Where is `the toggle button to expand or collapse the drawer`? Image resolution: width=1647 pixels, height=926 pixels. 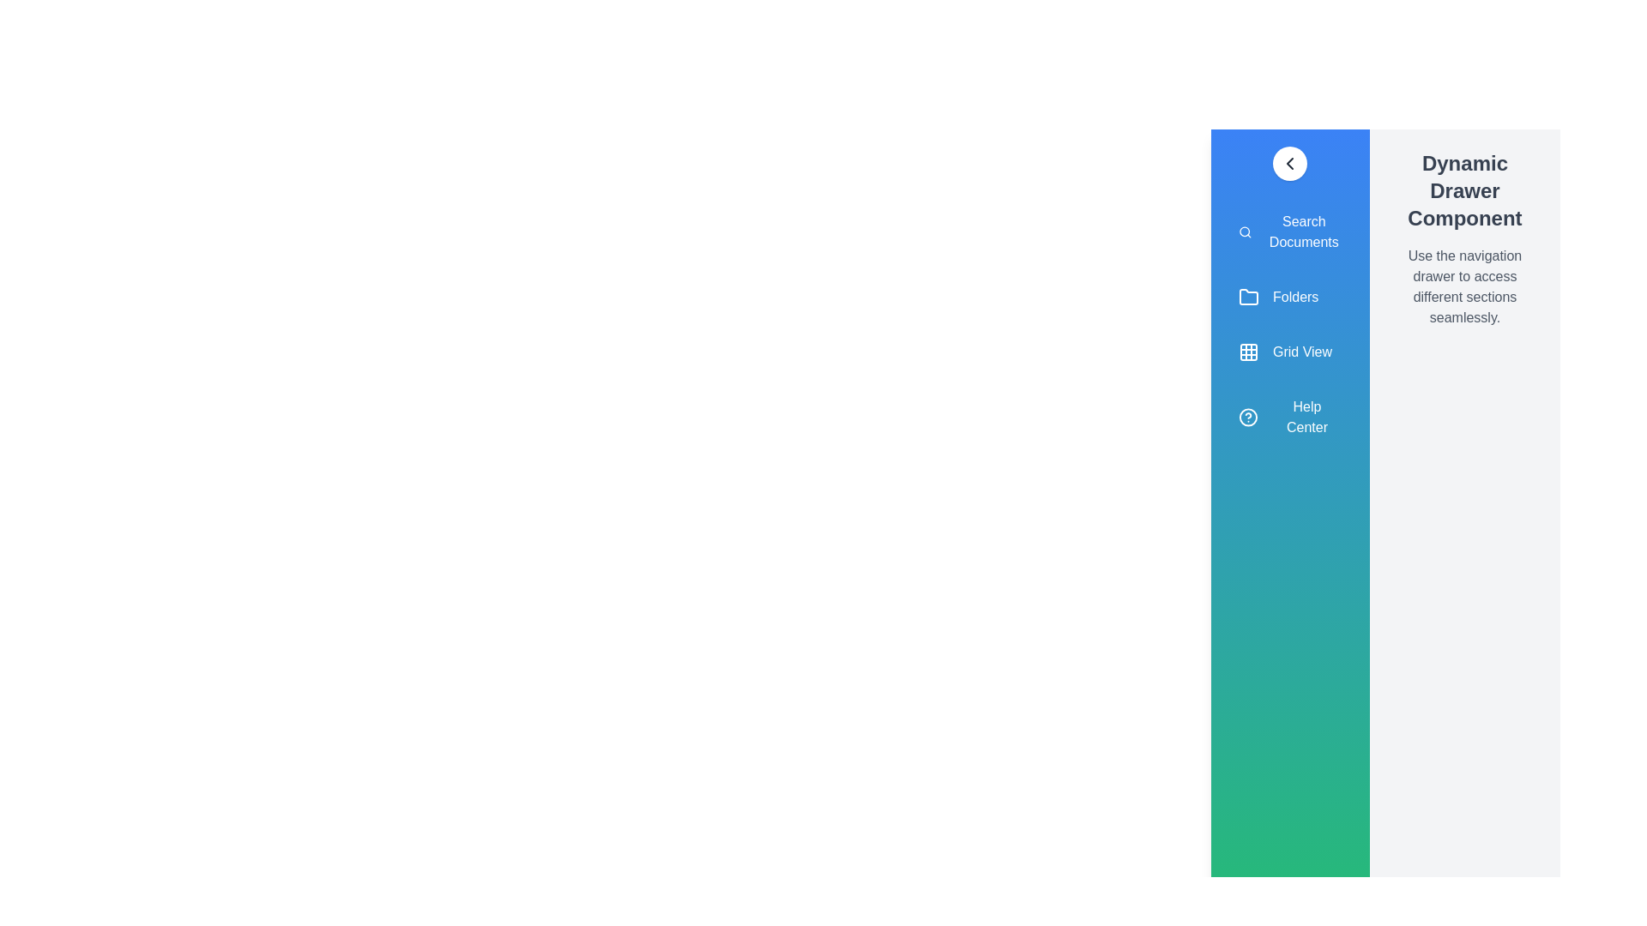
the toggle button to expand or collapse the drawer is located at coordinates (1289, 164).